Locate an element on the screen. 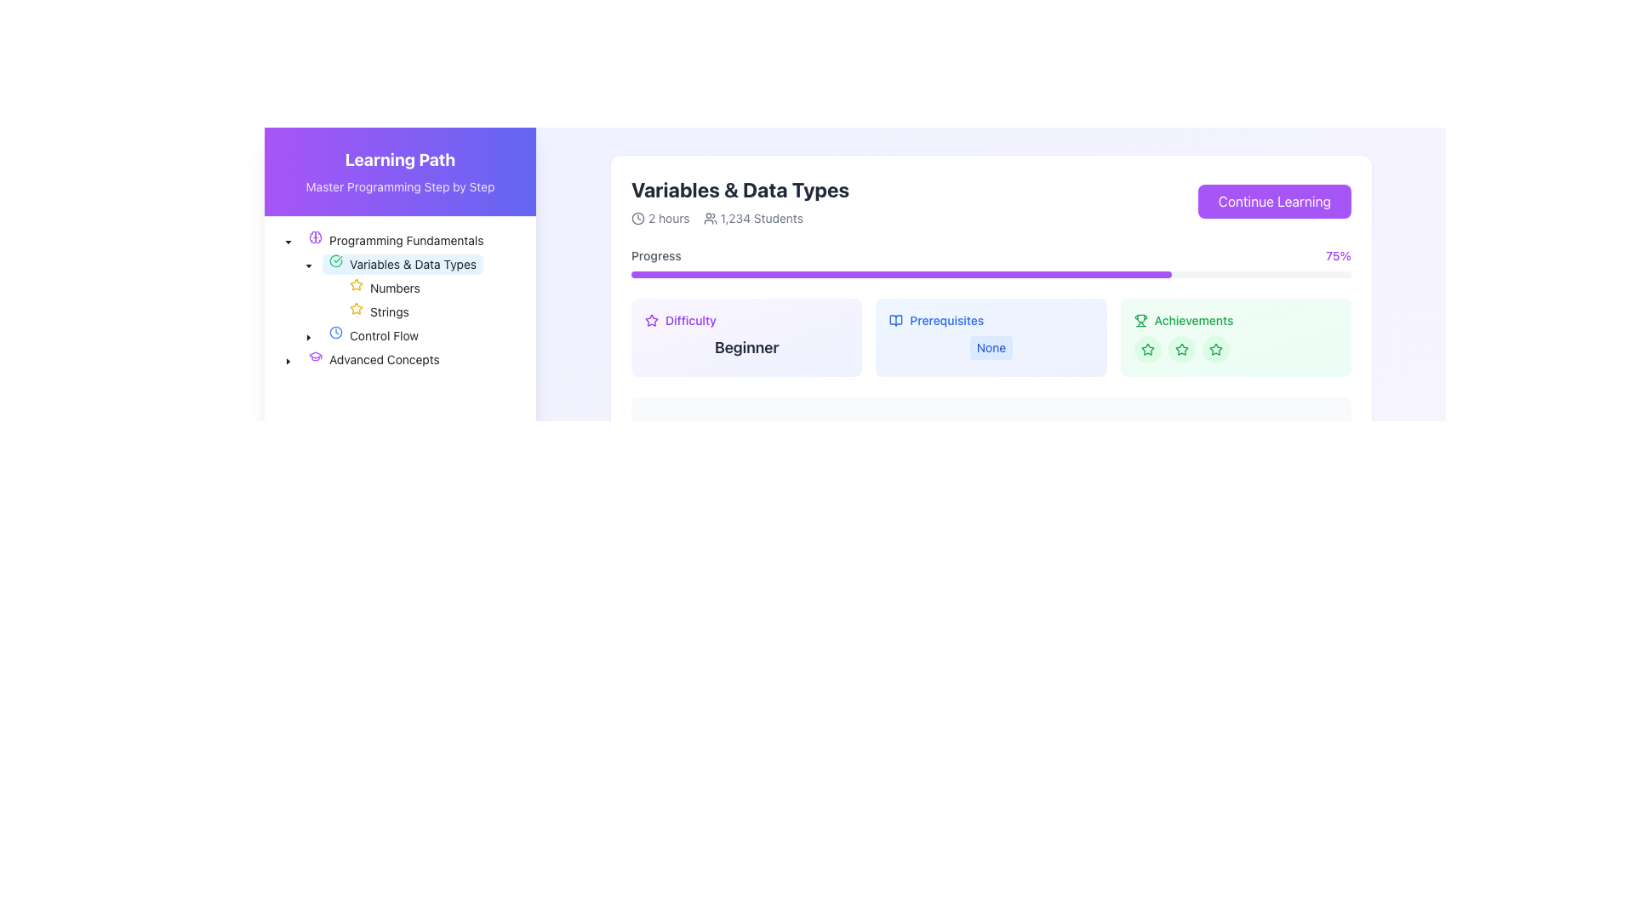 The width and height of the screenshot is (1634, 919). the text label that serves as a navigation link to the 'Control Flow' section of the course is located at coordinates (383, 335).